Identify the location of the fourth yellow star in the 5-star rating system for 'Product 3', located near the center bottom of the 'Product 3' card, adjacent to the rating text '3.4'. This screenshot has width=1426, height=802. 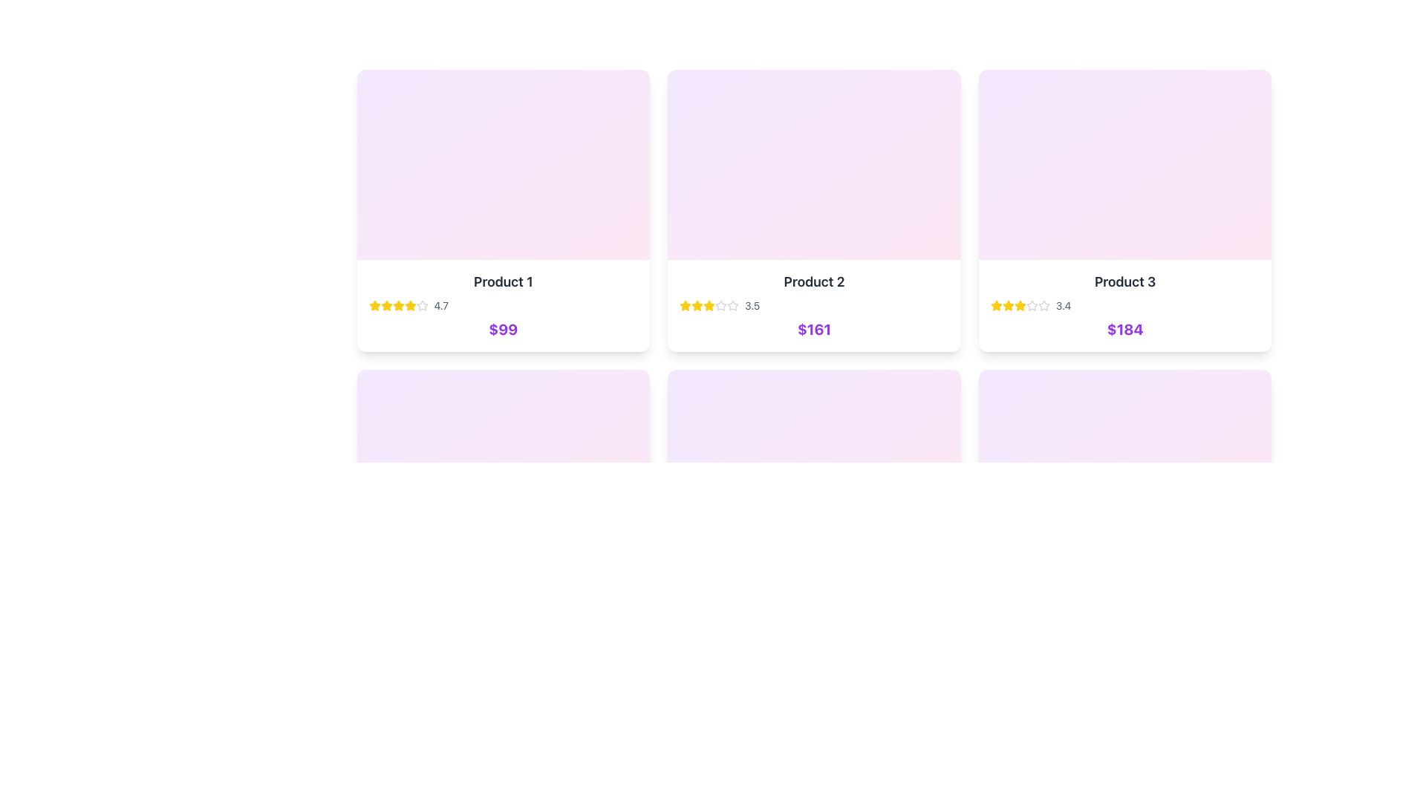
(1019, 305).